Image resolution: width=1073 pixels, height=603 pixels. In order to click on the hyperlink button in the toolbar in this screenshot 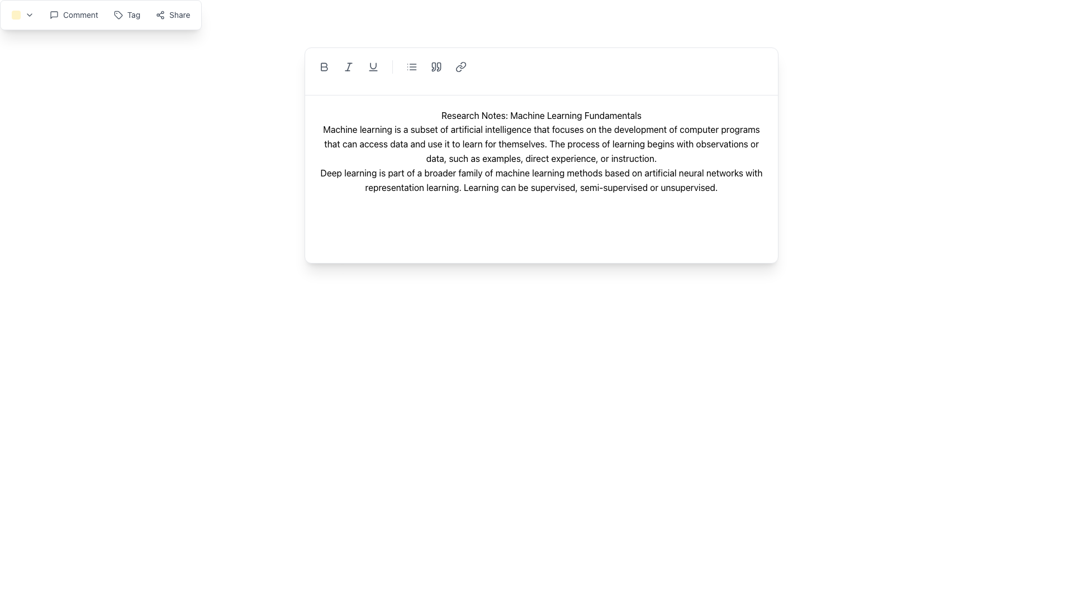, I will do `click(461, 66)`.